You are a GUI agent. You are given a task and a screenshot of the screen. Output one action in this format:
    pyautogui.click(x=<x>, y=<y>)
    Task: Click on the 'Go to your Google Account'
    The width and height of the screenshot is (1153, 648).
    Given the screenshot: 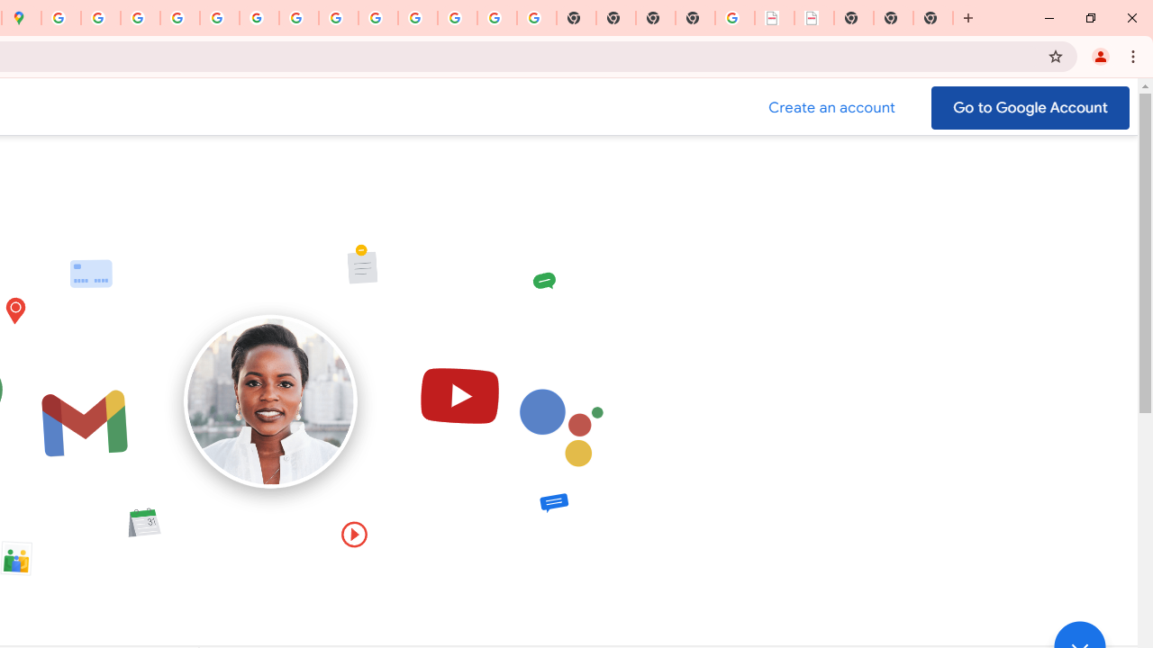 What is the action you would take?
    pyautogui.click(x=1030, y=107)
    